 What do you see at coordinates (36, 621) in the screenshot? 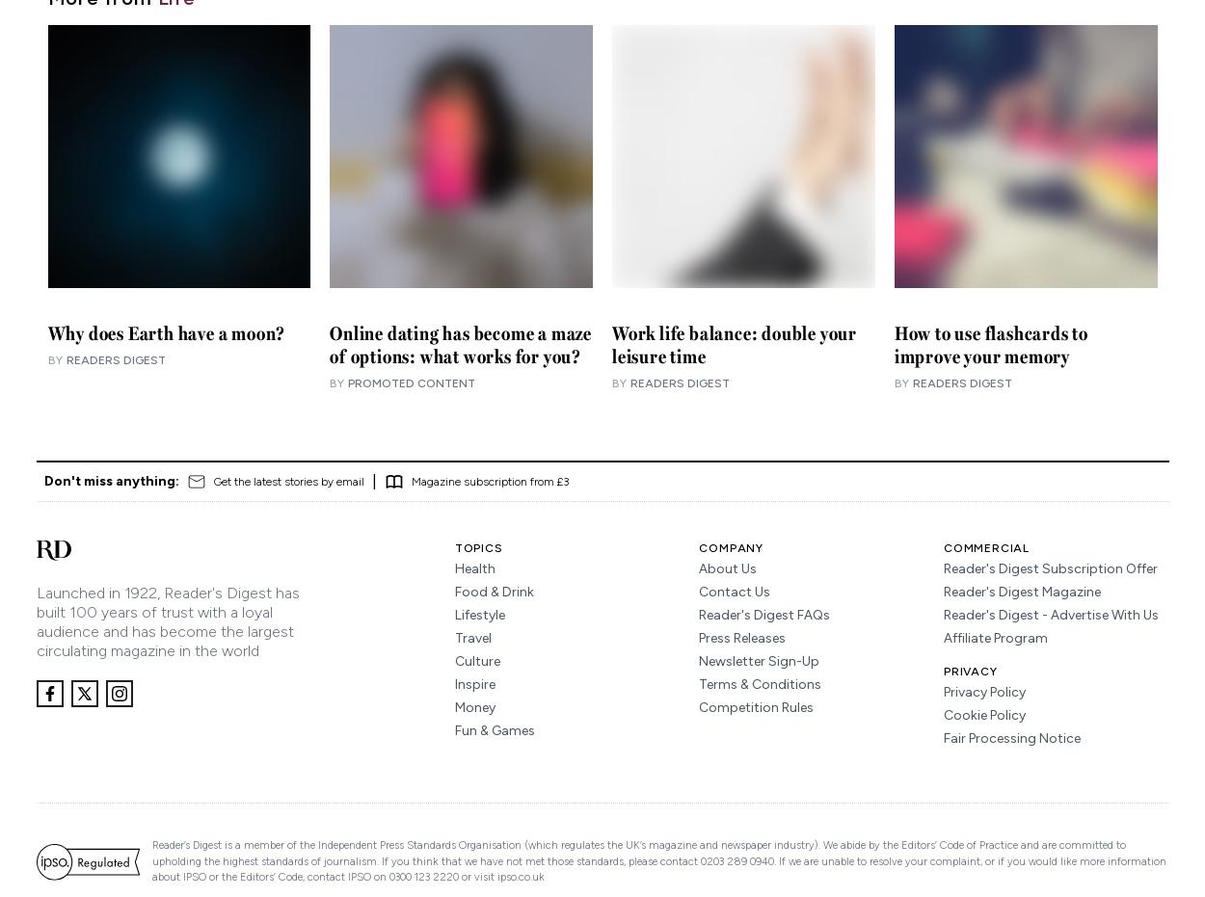
I see `'s Digest has built 100 years of trust with a loyal audience and has become the largest circulating magazine in the world'` at bounding box center [36, 621].